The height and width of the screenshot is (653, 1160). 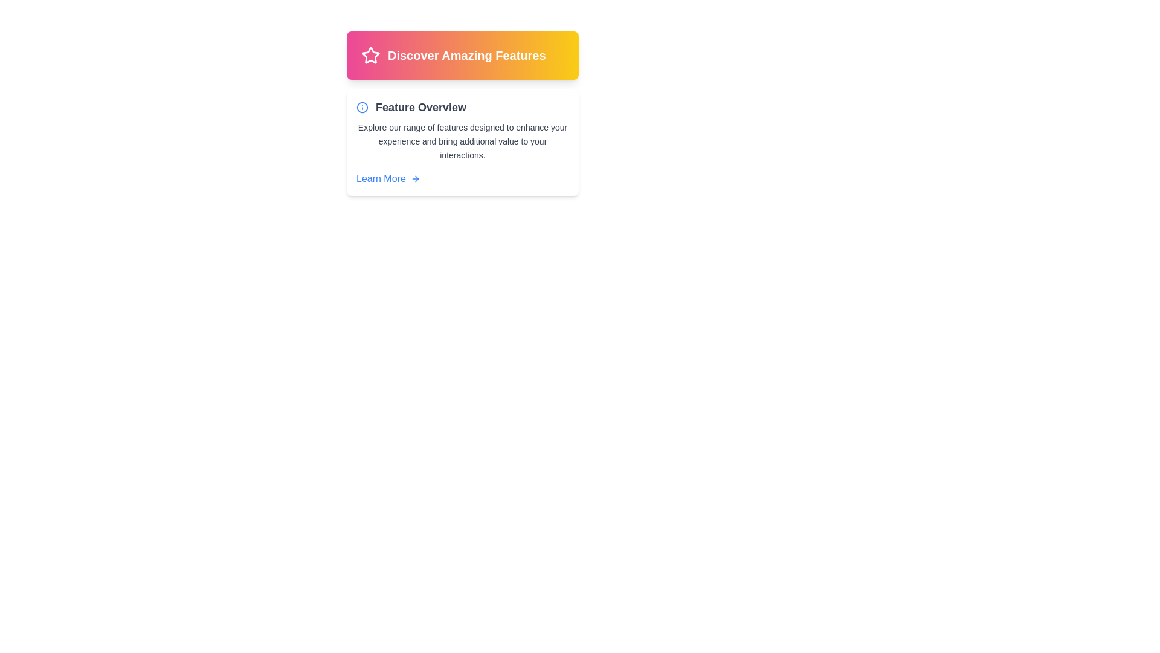 What do you see at coordinates (362, 106) in the screenshot?
I see `the circular icon located to the left of the 'Feature Overview' title, which is part of a larger graphic element` at bounding box center [362, 106].